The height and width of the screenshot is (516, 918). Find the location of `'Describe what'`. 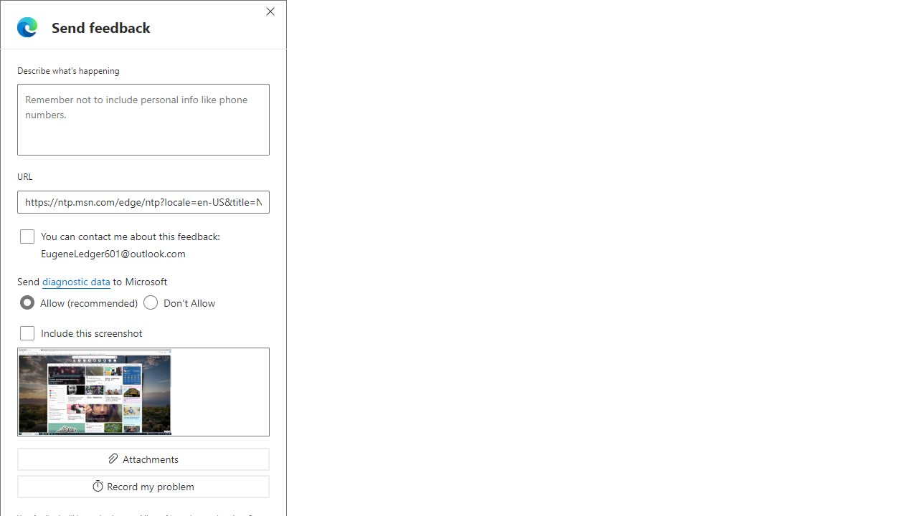

'Describe what' is located at coordinates (143, 119).